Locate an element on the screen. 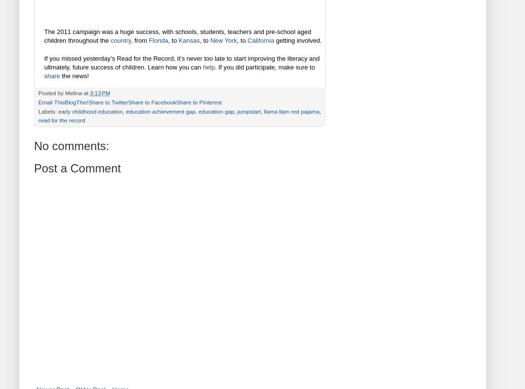  'to' is located at coordinates (243, 40).